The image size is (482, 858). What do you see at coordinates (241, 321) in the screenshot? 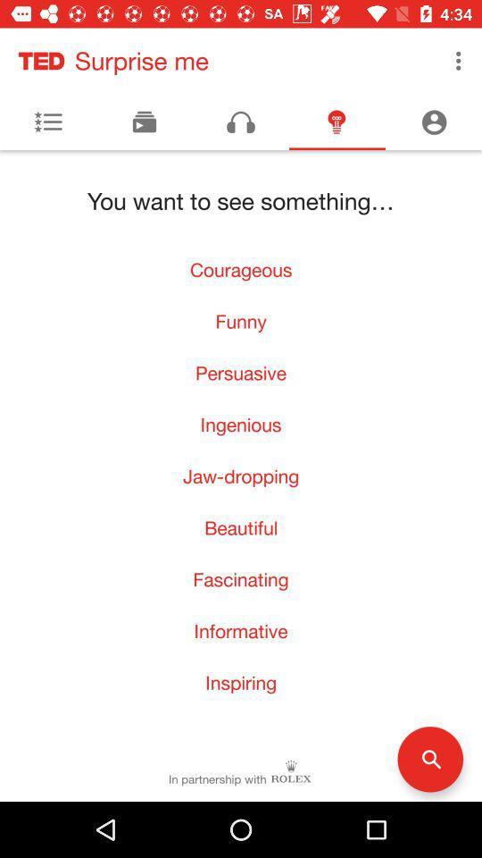
I see `item below courageous icon` at bounding box center [241, 321].